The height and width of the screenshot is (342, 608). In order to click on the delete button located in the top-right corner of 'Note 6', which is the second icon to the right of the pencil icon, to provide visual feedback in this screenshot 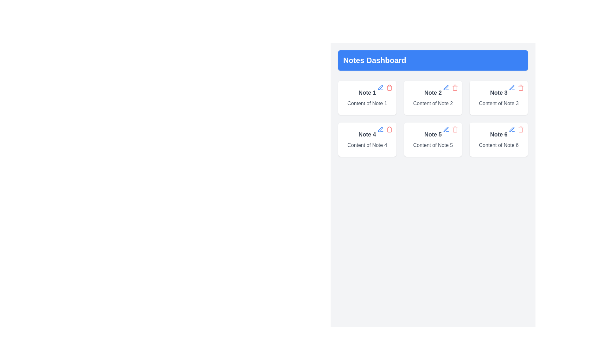, I will do `click(521, 129)`.